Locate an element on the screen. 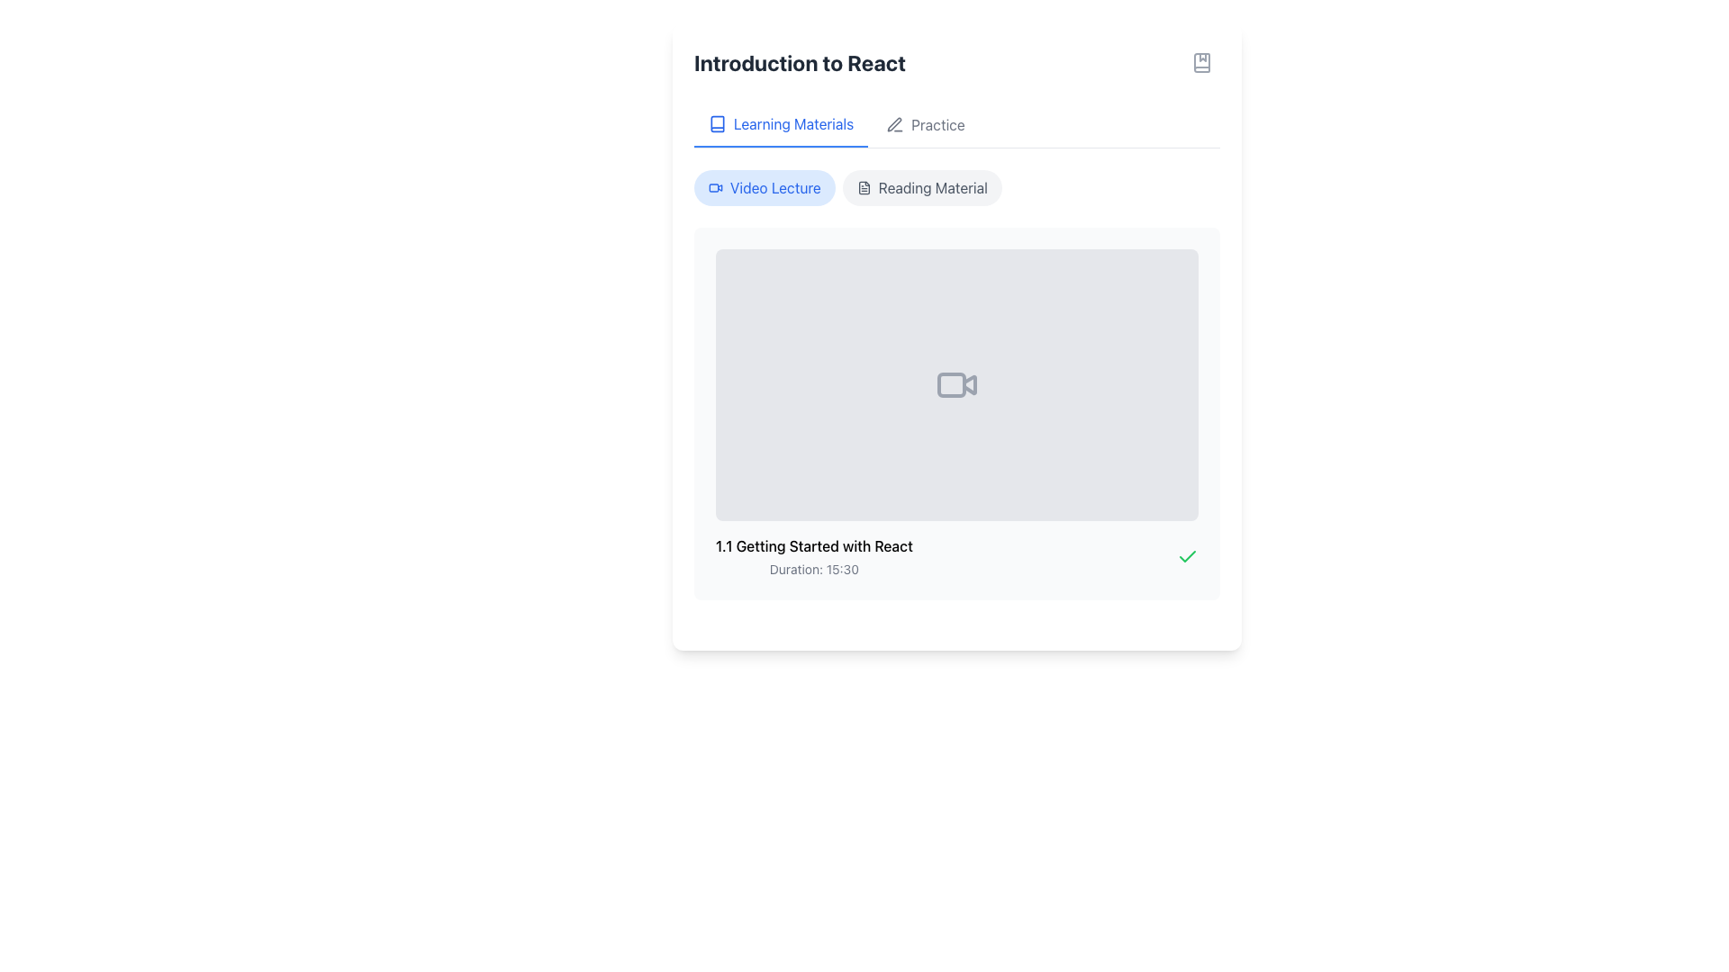 This screenshot has width=1729, height=972. the 'Practice' text label, which is styled in gray and is the rightmost option in a group of horizontally aligned selectable labels near the top center of the page is located at coordinates (937, 123).